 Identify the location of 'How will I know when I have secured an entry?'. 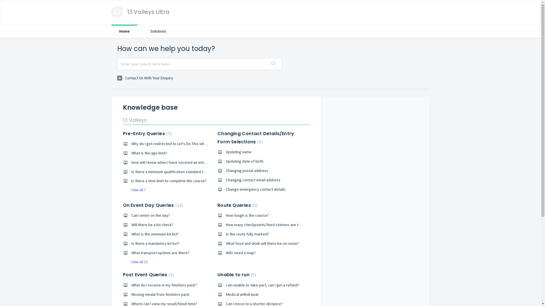
(169, 162).